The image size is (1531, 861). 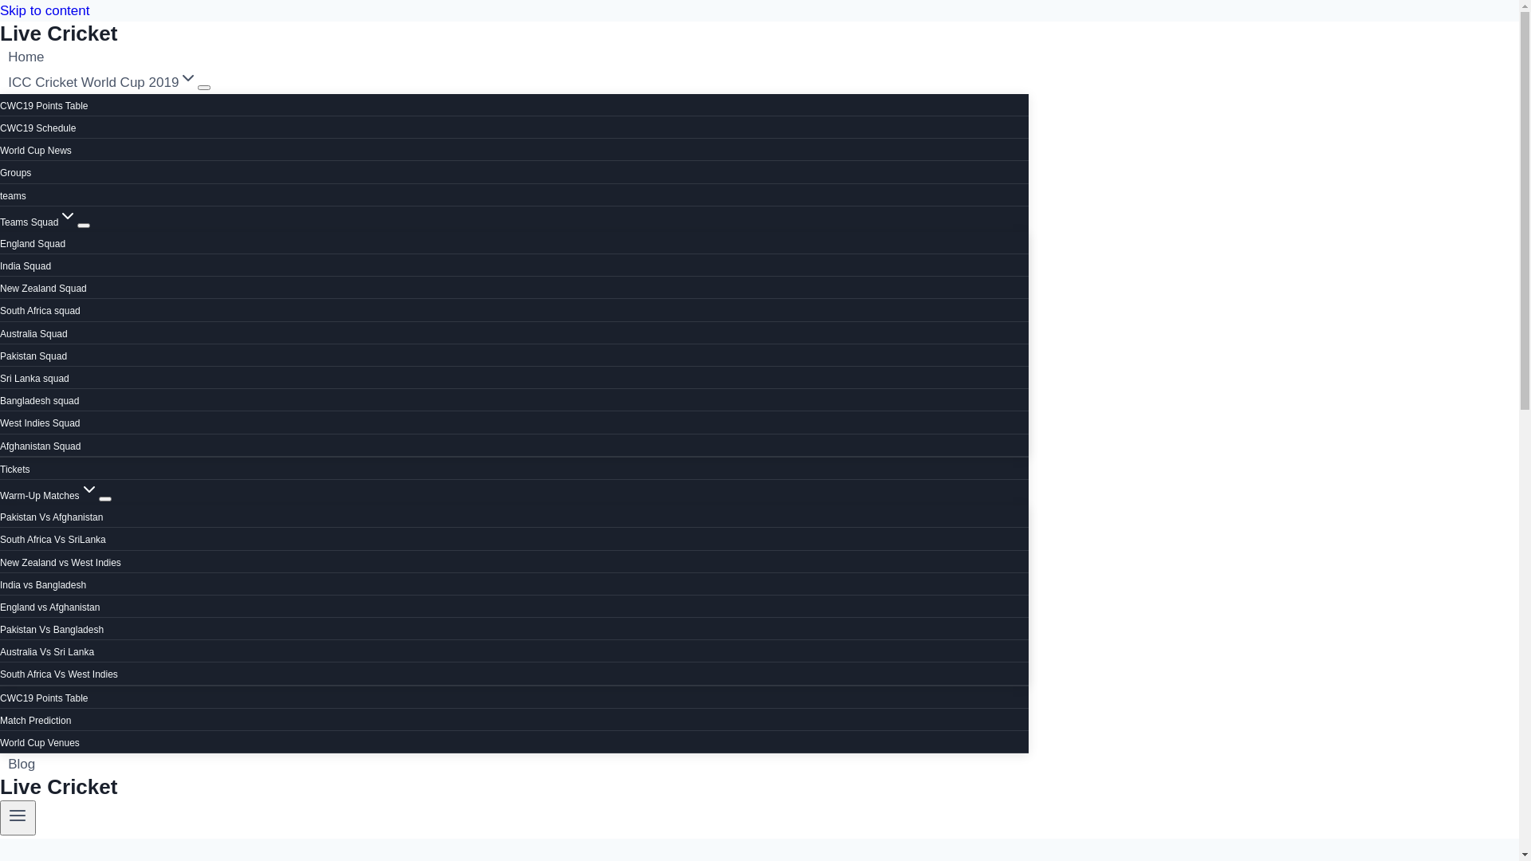 I want to click on 'CWC19 Points Table', so click(x=44, y=105).